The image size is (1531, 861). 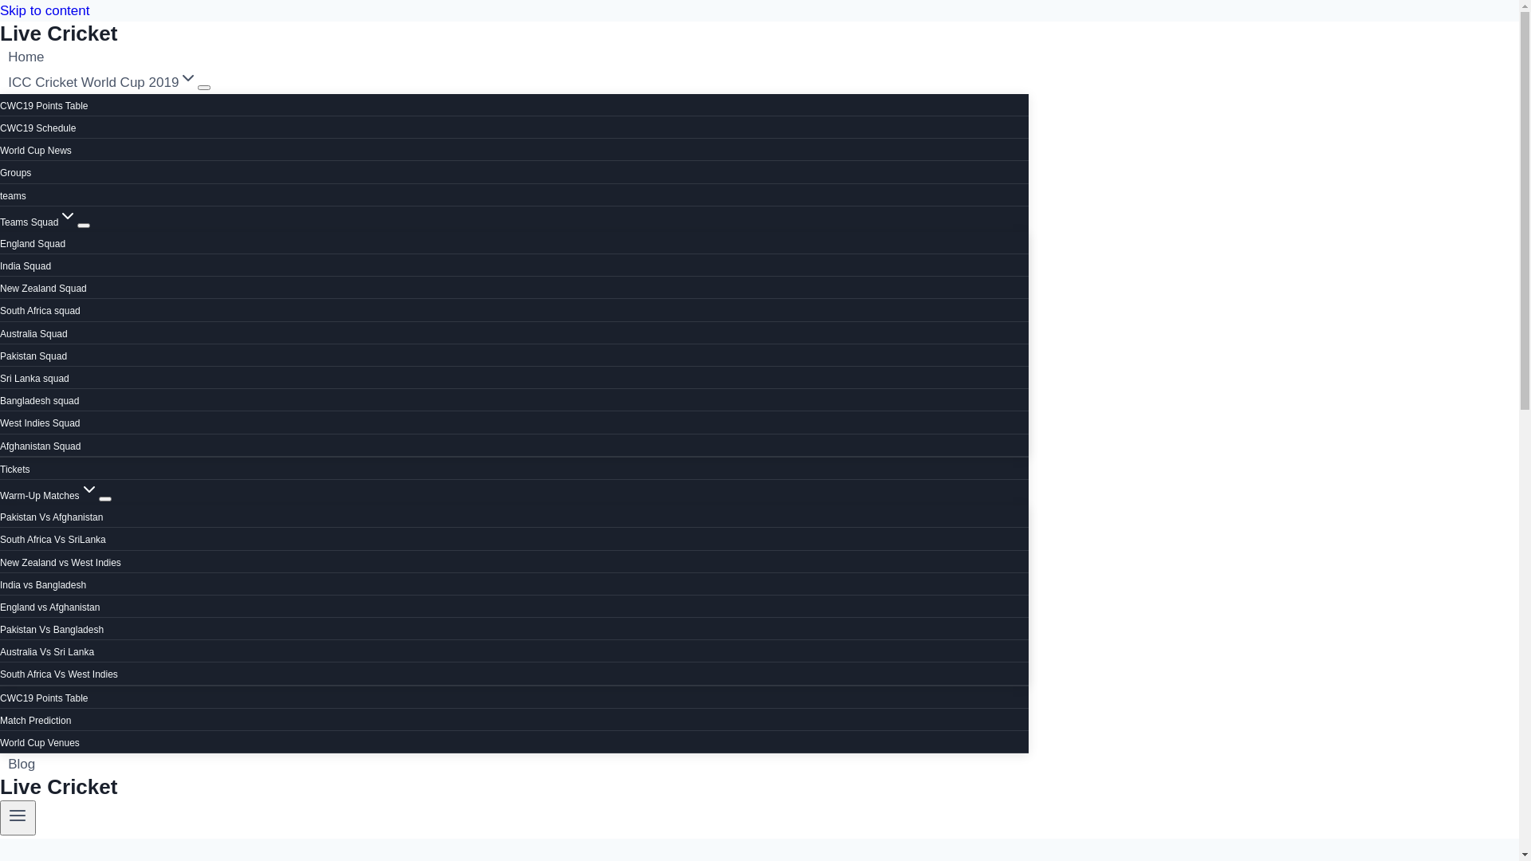 I want to click on 'CWC19 Points Table', so click(x=44, y=105).